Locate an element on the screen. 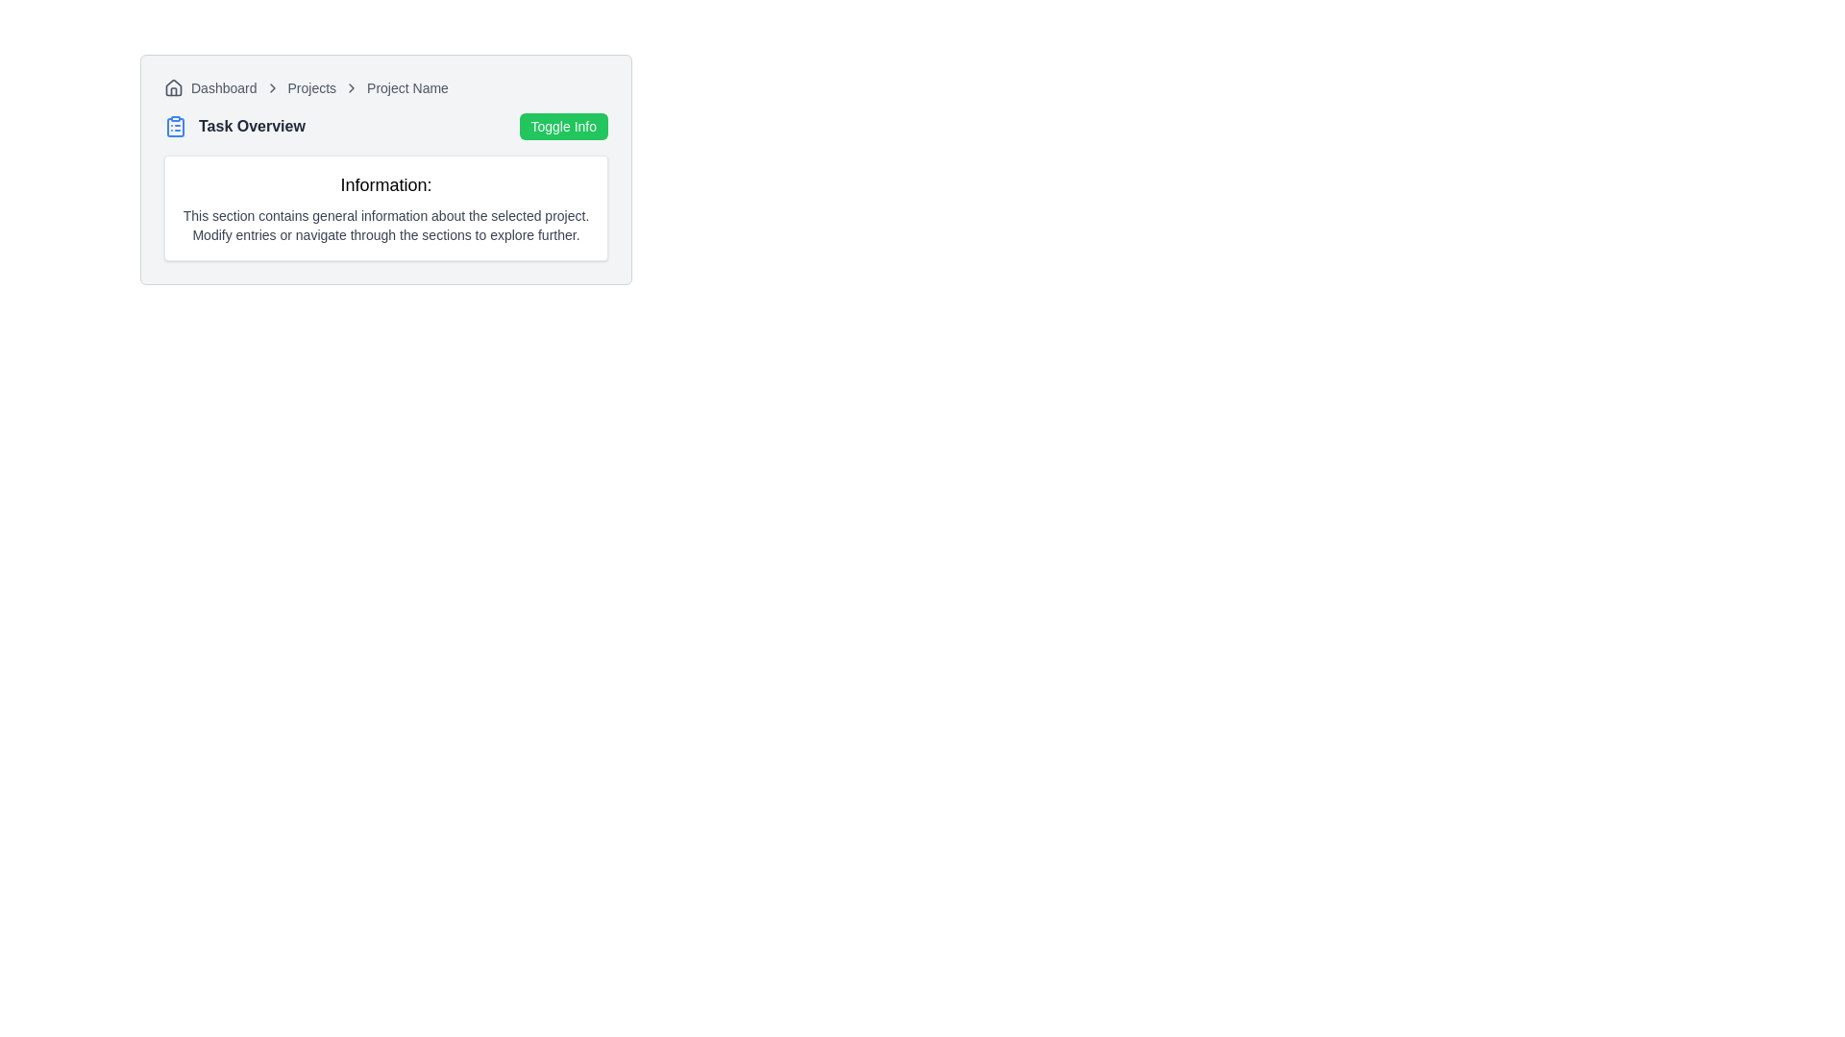 The image size is (1845, 1037). the Breadcrumb link for 'Projects' located in the breadcrumb navigation bar is located at coordinates (311, 88).